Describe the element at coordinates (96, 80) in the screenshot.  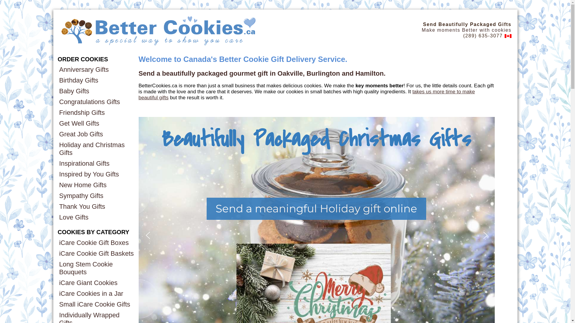
I see `'Birthday Gifts'` at that location.